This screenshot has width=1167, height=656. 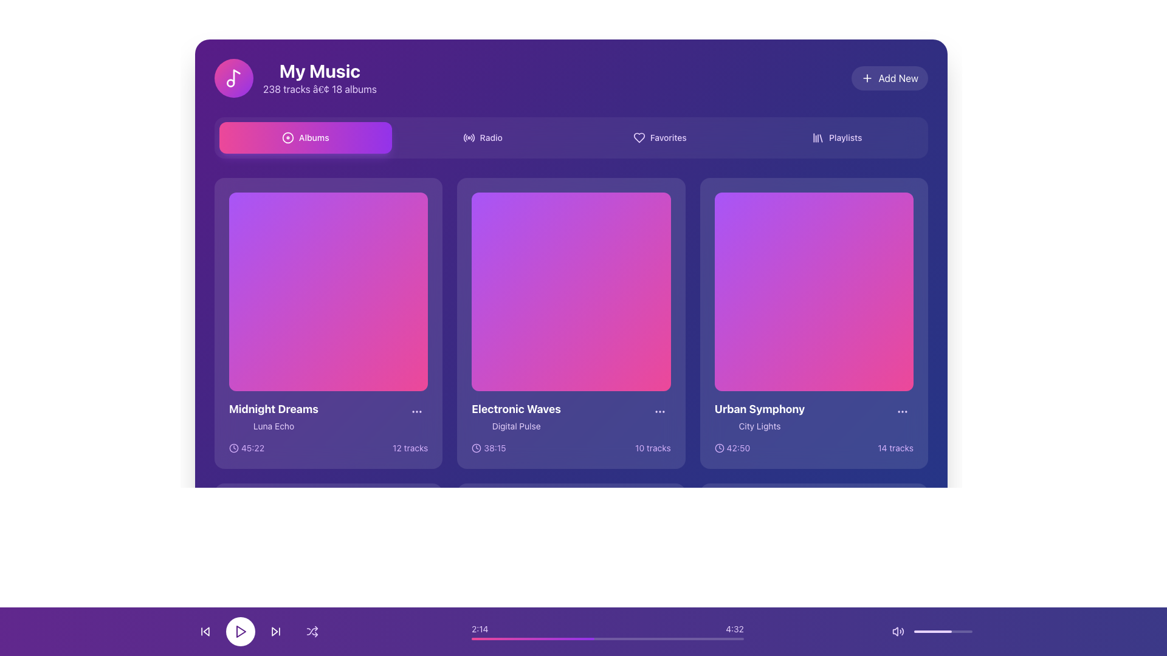 I want to click on the 'Playlists' button, which is the last button in a horizontally aligned navigation bar, so click(x=836, y=137).